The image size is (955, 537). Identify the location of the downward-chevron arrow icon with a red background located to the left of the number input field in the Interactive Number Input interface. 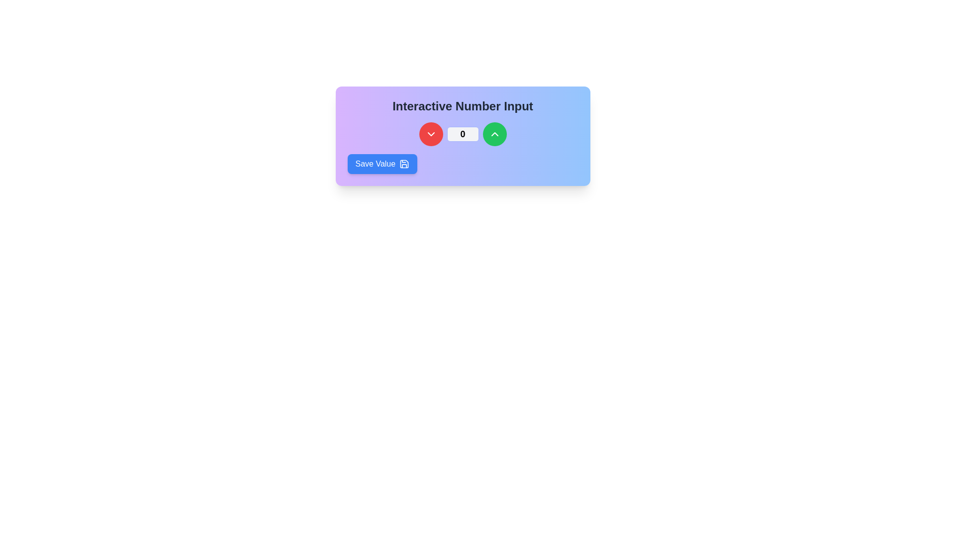
(431, 134).